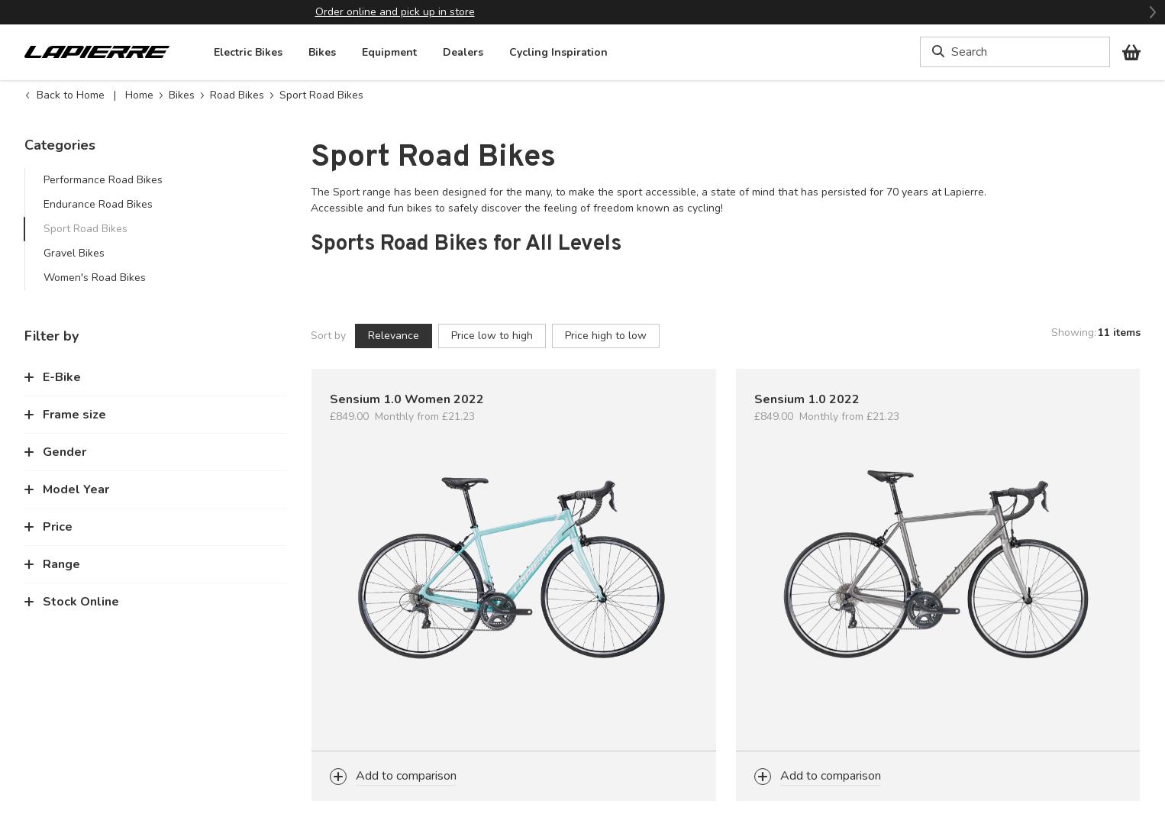 This screenshot has width=1165, height=814. What do you see at coordinates (43, 488) in the screenshot?
I see `'Model Year'` at bounding box center [43, 488].